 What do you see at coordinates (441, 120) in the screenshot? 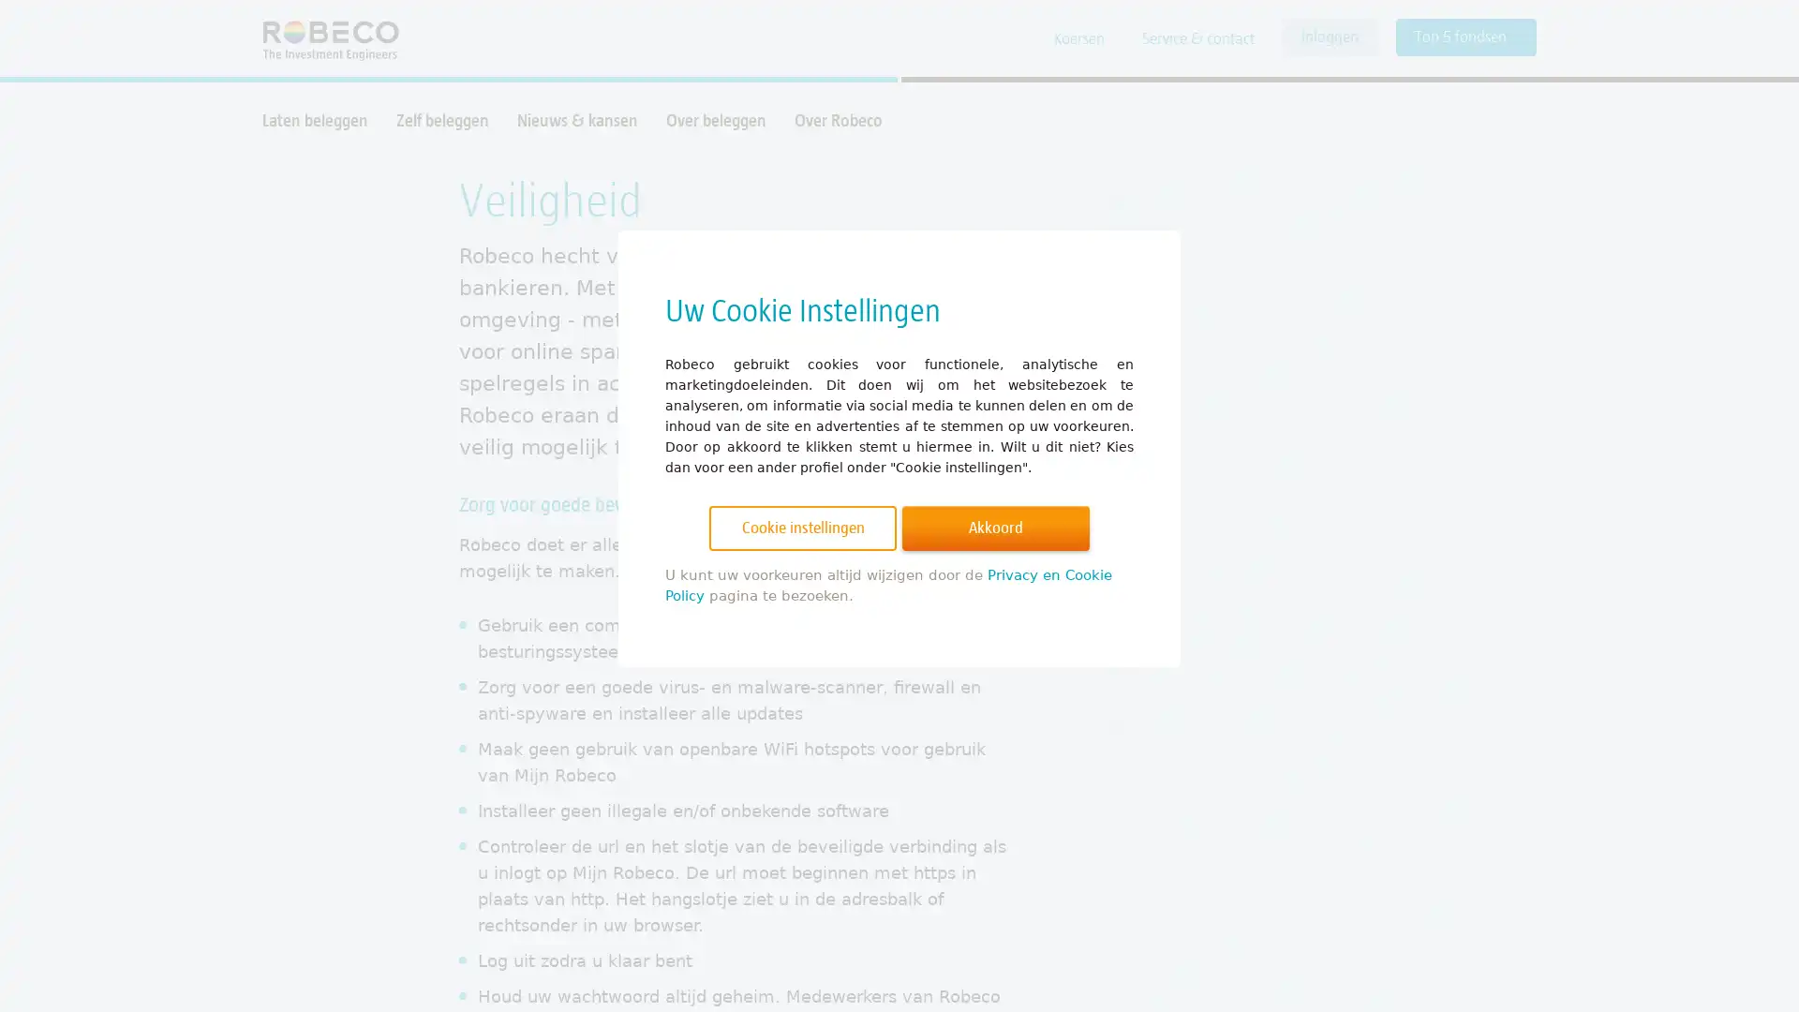
I see `Zelf beleggen` at bounding box center [441, 120].